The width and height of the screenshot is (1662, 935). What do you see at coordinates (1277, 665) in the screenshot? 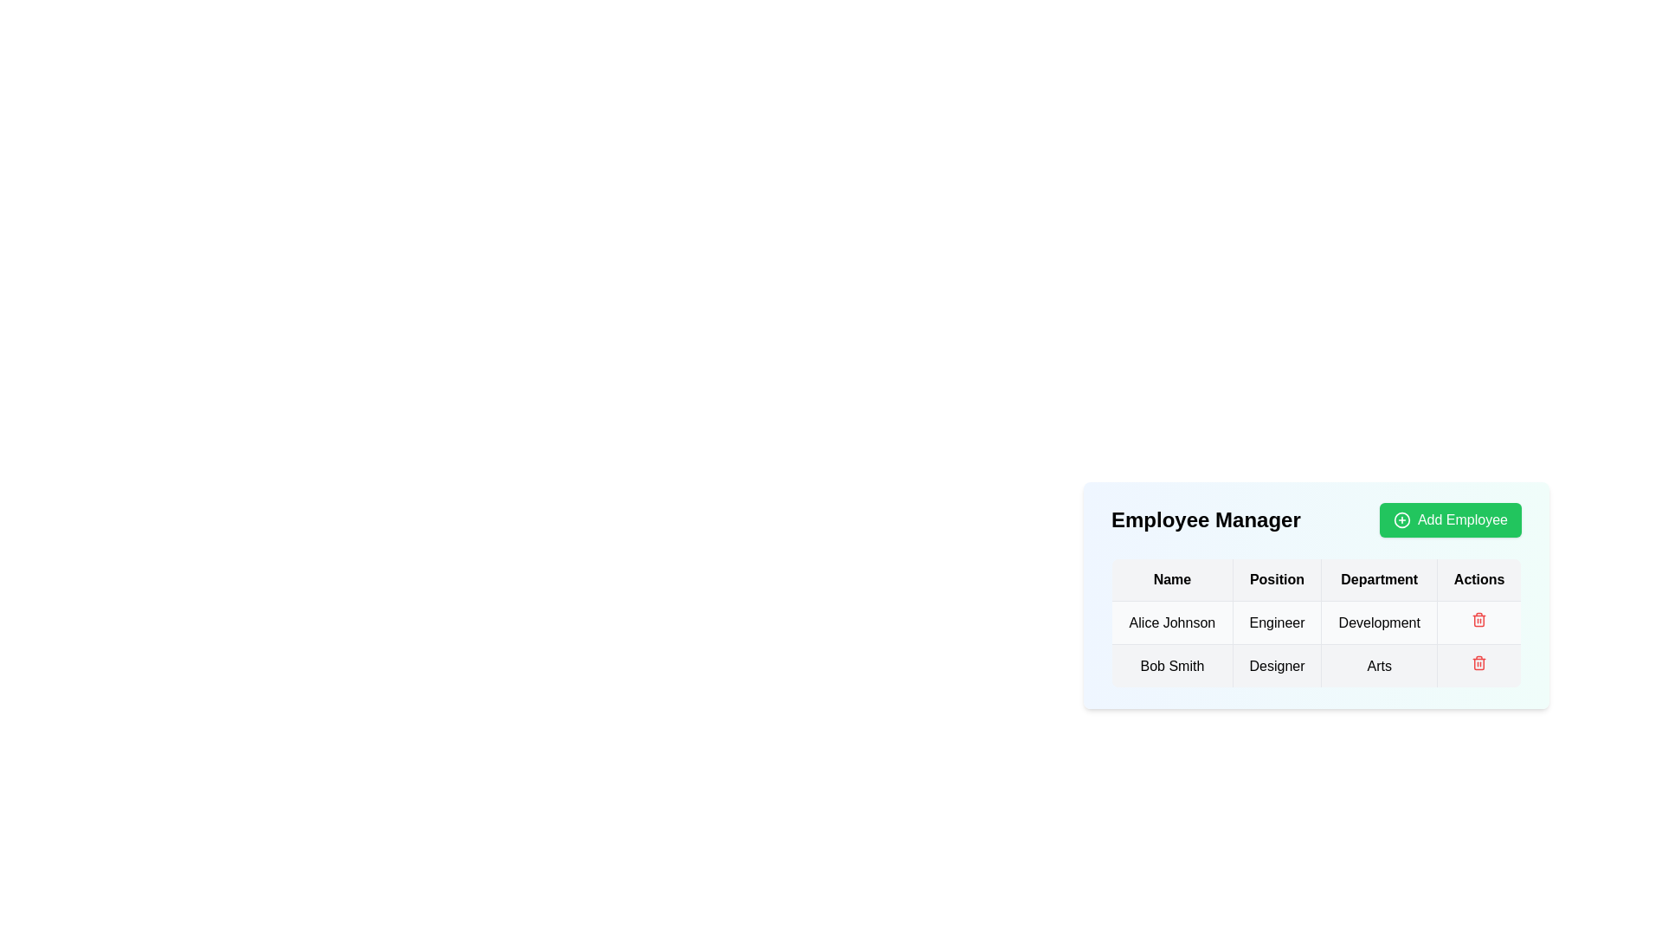
I see `the text label representing the job position of the individual listed in the second row and second column of the table, which is directly under 'Engineer' and to the right of 'Bob Smith'` at bounding box center [1277, 665].